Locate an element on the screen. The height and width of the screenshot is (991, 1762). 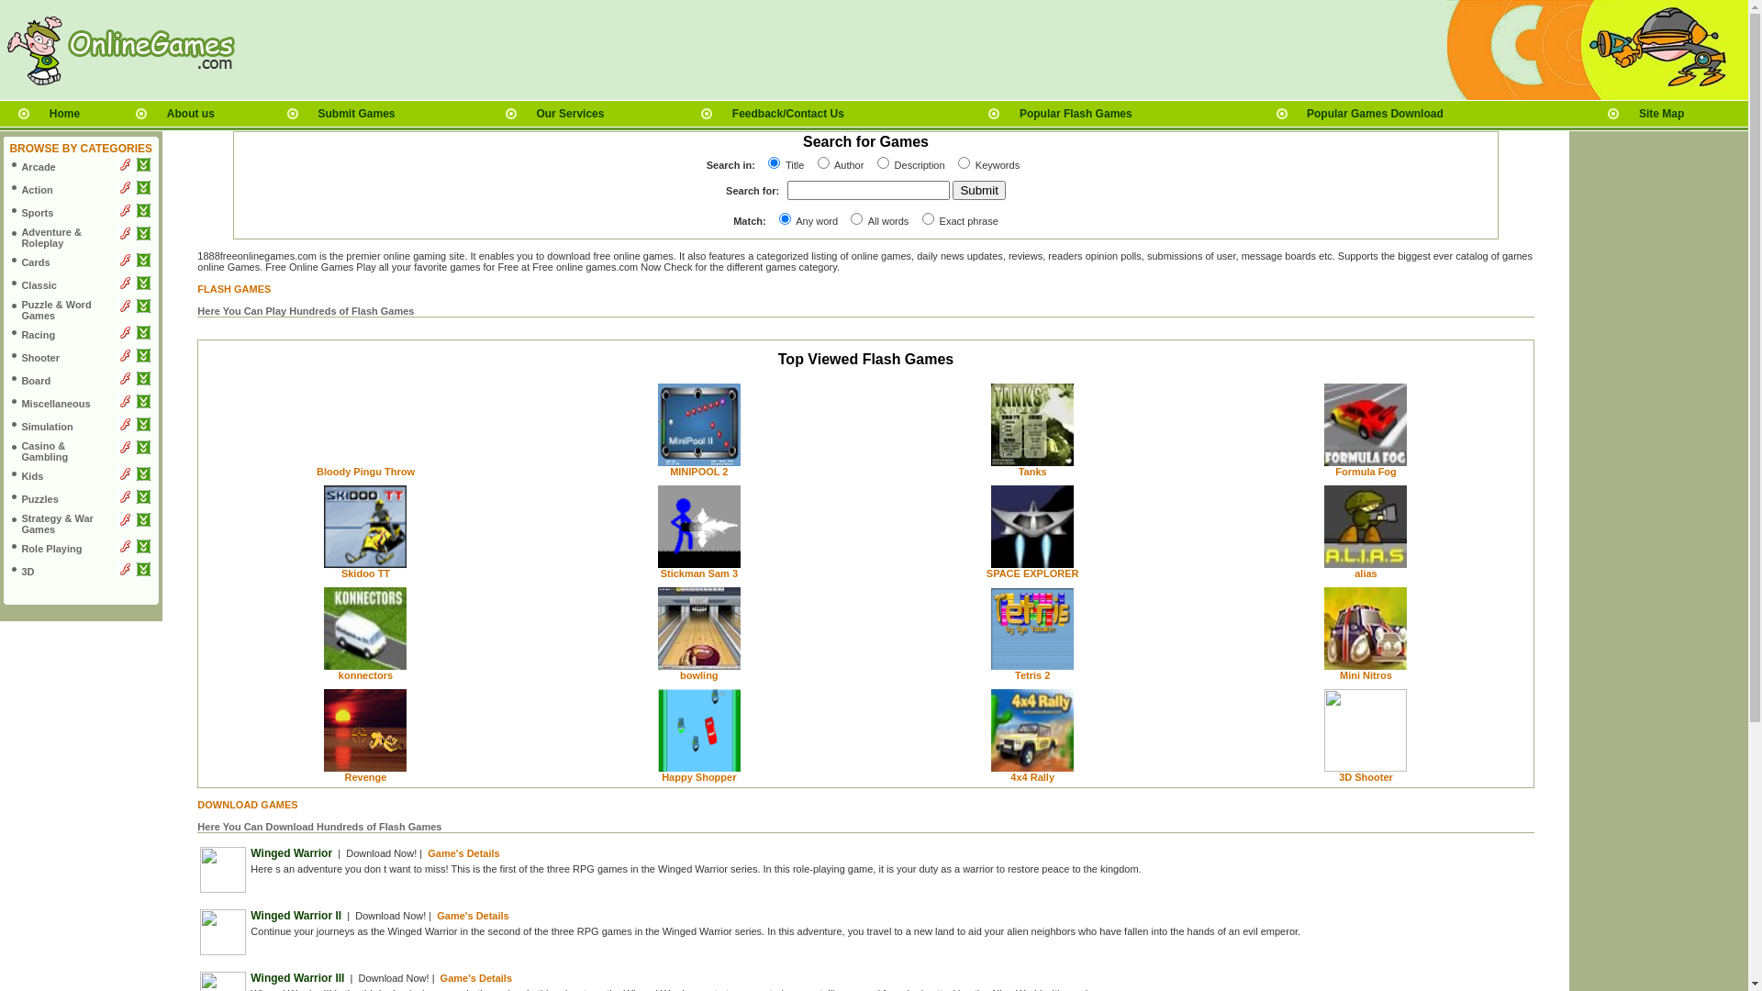
'Skidoo TT' is located at coordinates (341, 572).